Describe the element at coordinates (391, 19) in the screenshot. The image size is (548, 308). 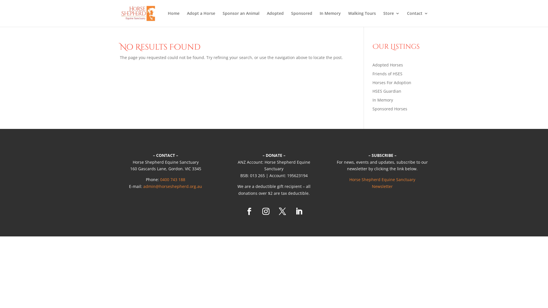
I see `'Store'` at that location.